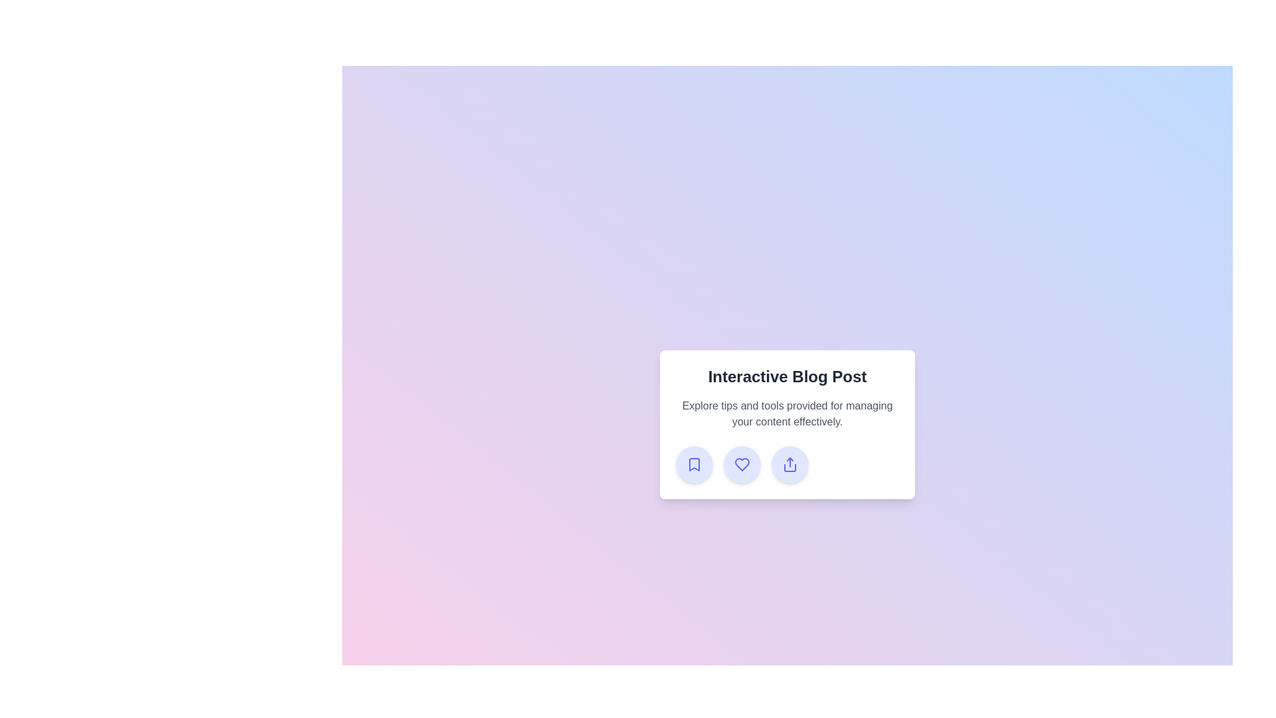 This screenshot has width=1276, height=718. What do you see at coordinates (742, 463) in the screenshot?
I see `the heart-shaped icon with a stylized outline design, which is the second item in a row of three icons located beneath the card text with a light purple circular background` at bounding box center [742, 463].